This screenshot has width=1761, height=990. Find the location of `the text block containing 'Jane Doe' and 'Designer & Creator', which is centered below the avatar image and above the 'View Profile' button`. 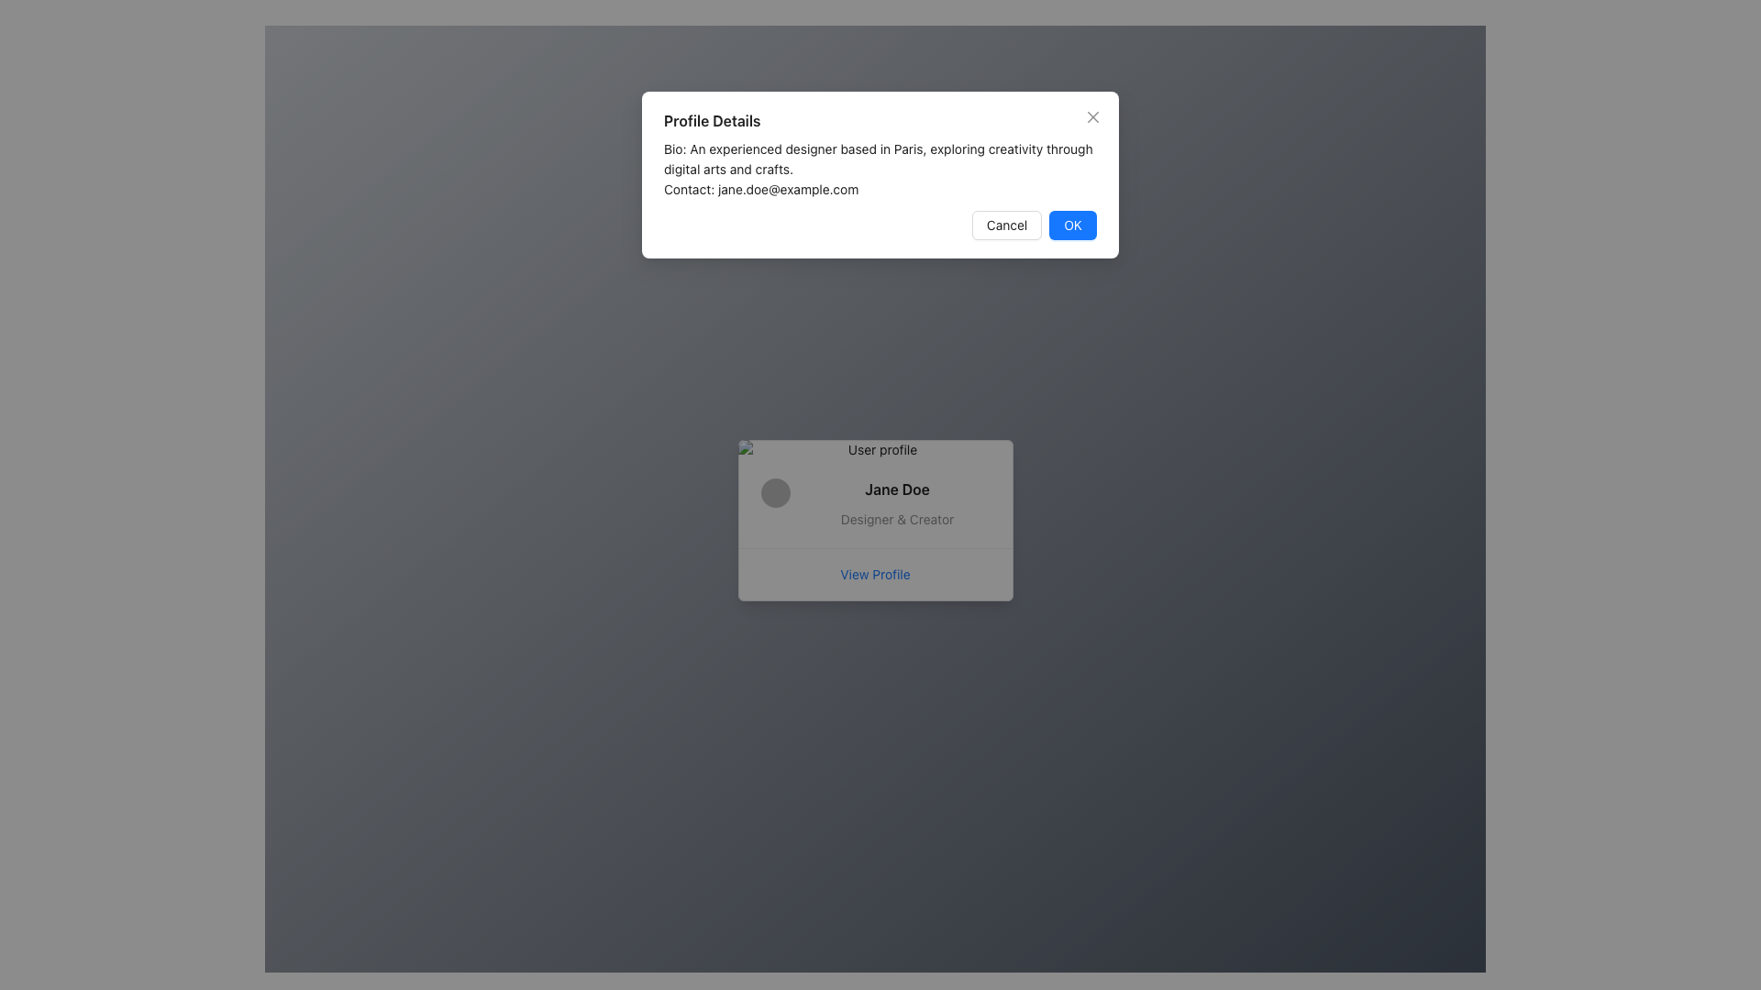

the text block containing 'Jane Doe' and 'Designer & Creator', which is centered below the avatar image and above the 'View Profile' button is located at coordinates (897, 503).